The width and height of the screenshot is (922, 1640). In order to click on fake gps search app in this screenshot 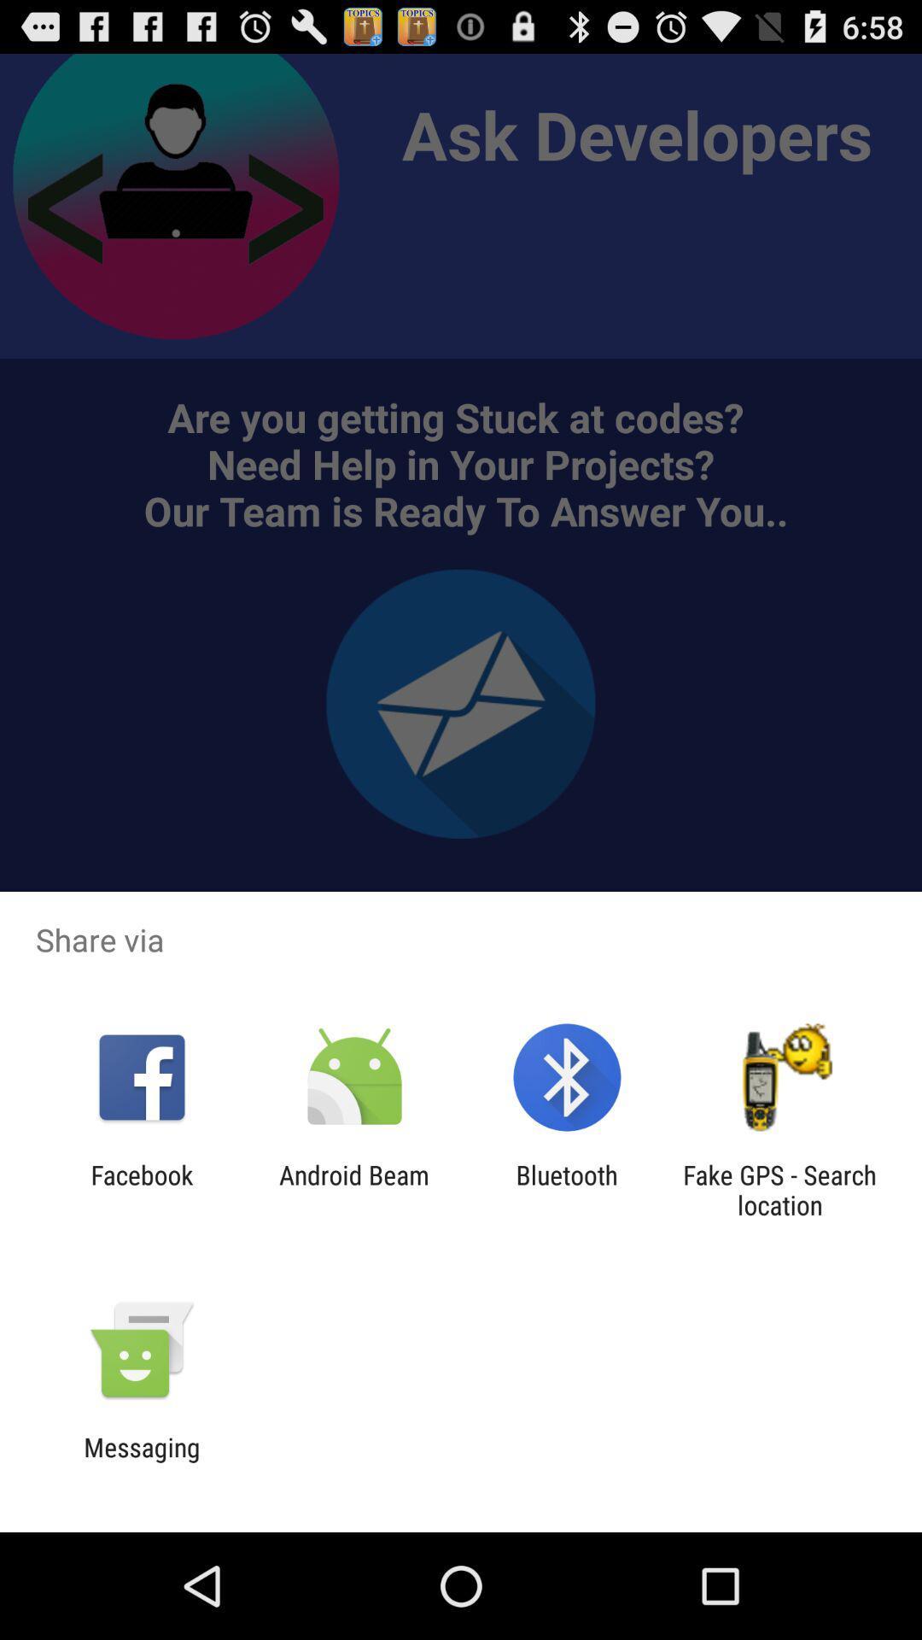, I will do `click(779, 1189)`.